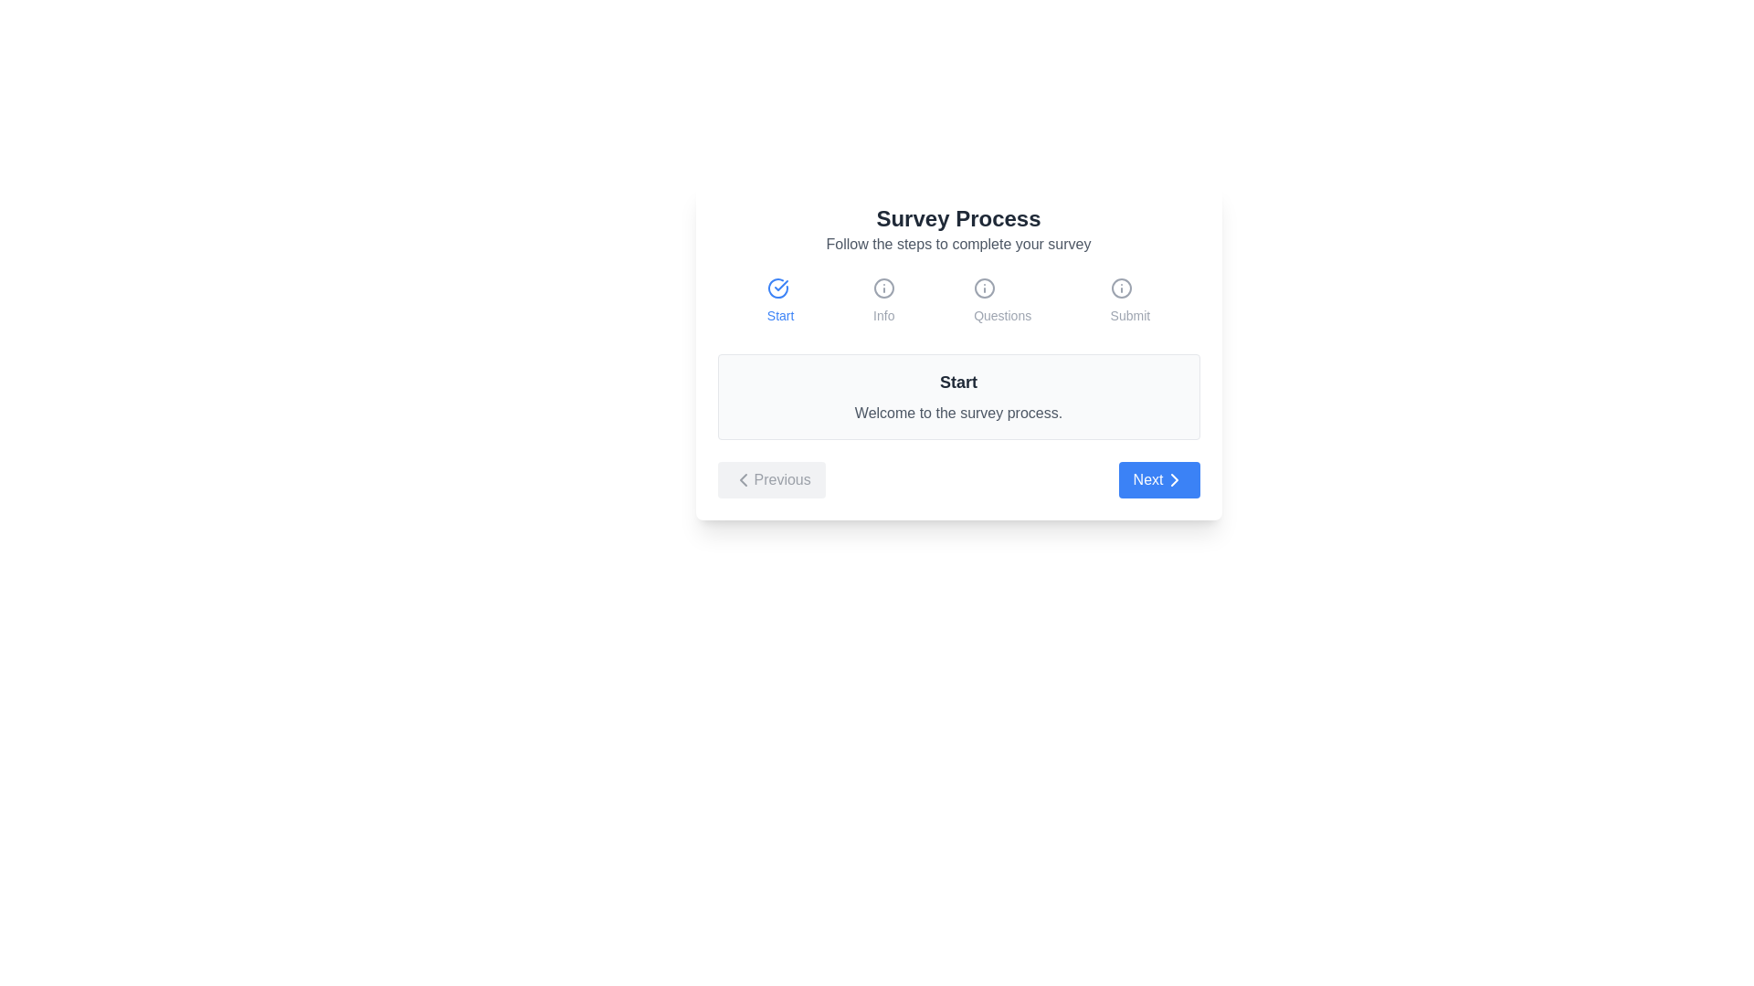  I want to click on the informational indicator icon located in the 'Submit' section of the process guide UI, so click(1129, 288).